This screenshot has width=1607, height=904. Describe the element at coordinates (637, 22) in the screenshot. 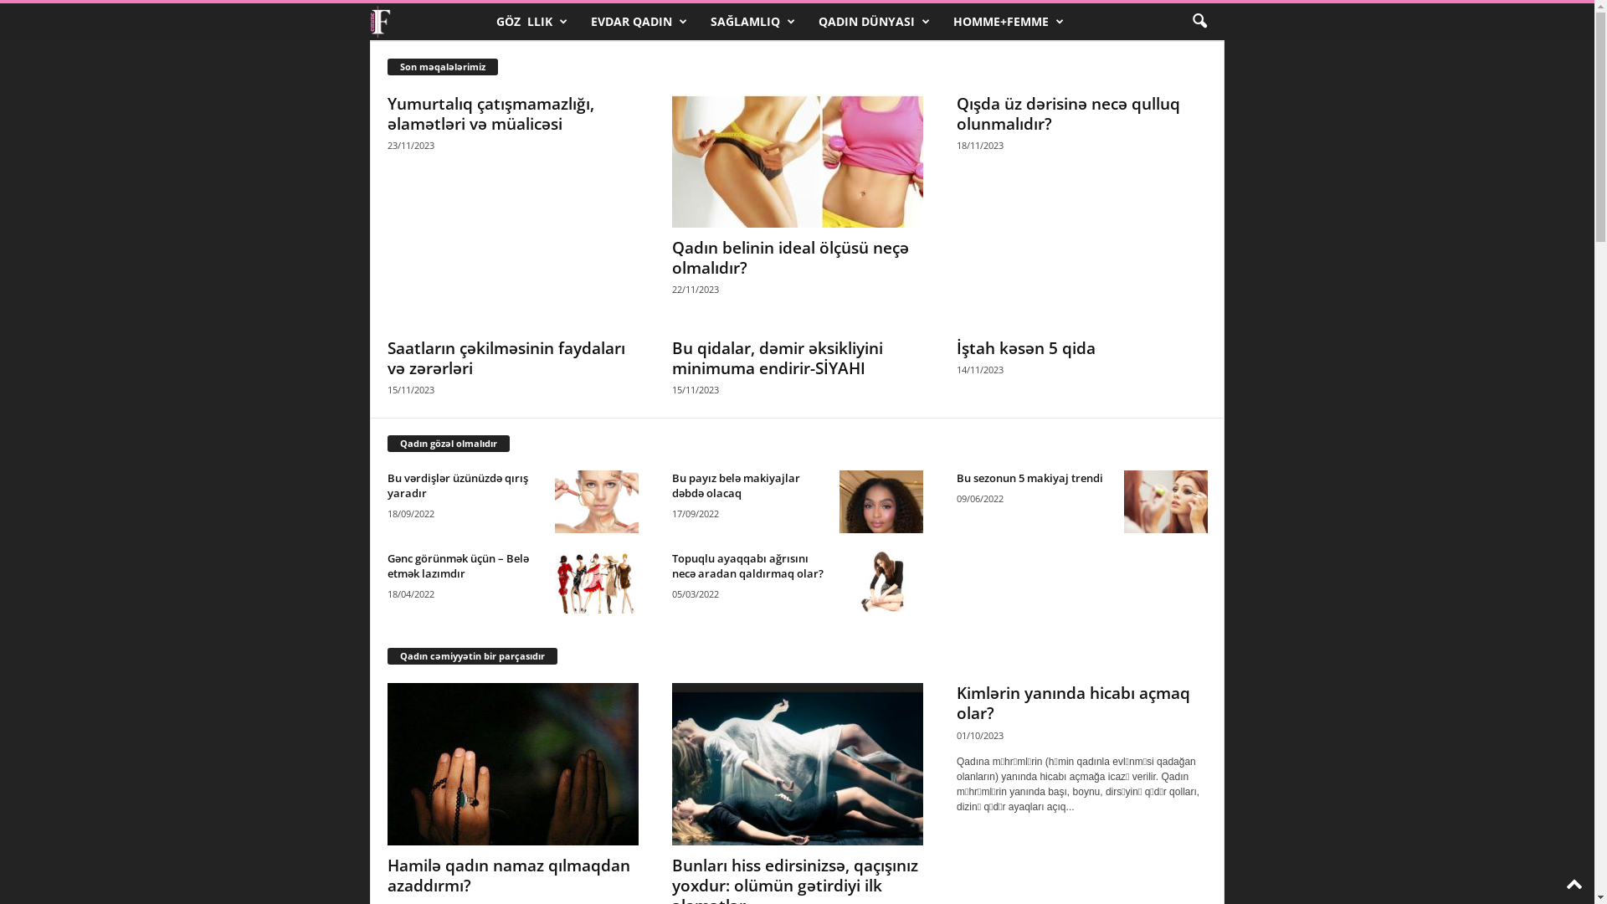

I see `'EVDAR QADIN'` at that location.